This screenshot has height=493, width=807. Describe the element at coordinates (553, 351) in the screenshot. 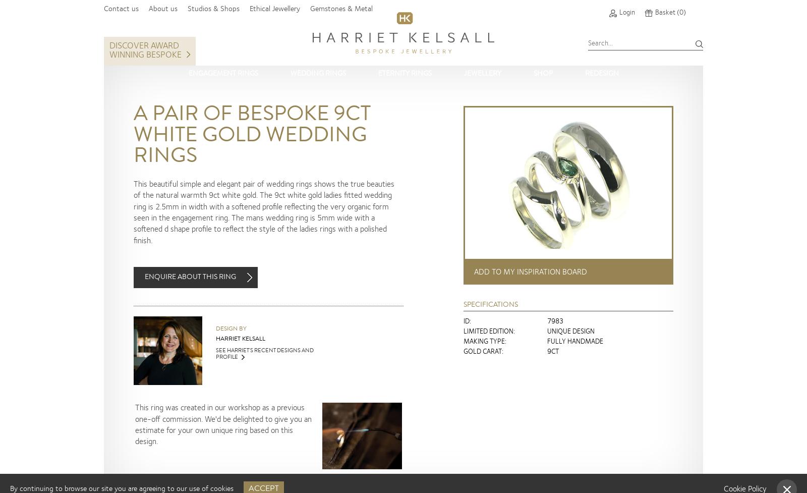

I see `'9ct'` at that location.